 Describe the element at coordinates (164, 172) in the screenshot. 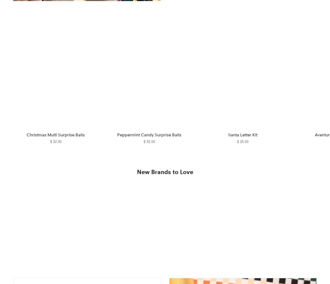

I see `'New Brands to Love'` at that location.